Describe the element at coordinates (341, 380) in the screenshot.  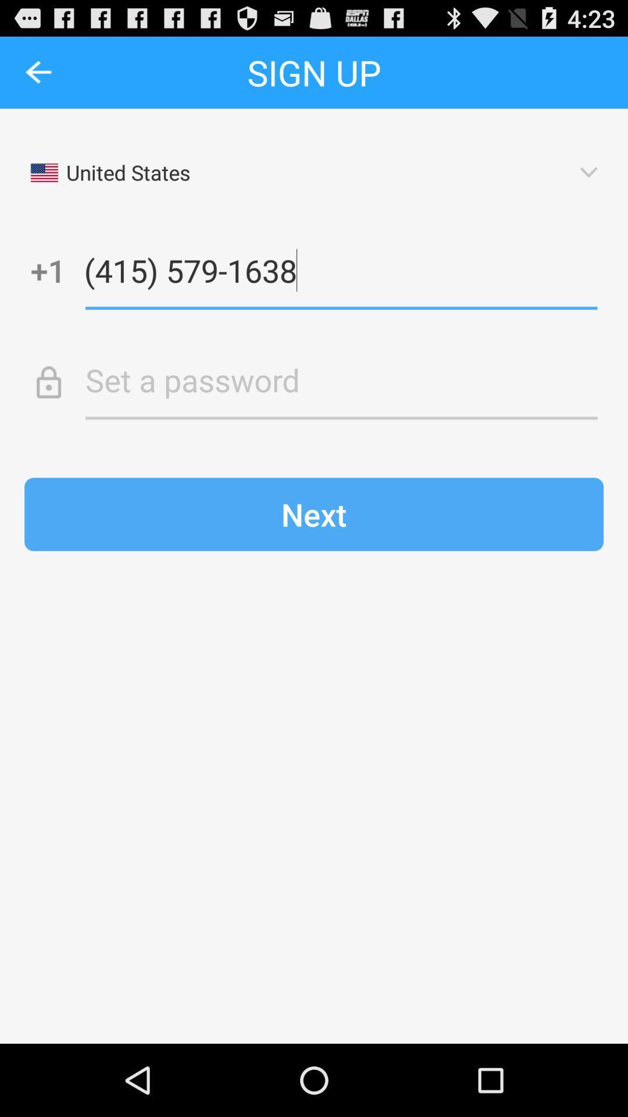
I see `set a password` at that location.